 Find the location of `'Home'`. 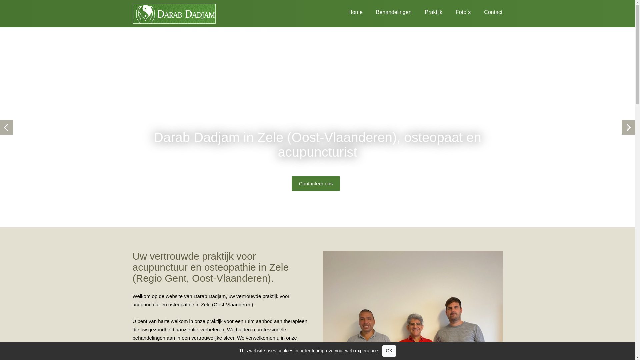

'Home' is located at coordinates (348, 11).